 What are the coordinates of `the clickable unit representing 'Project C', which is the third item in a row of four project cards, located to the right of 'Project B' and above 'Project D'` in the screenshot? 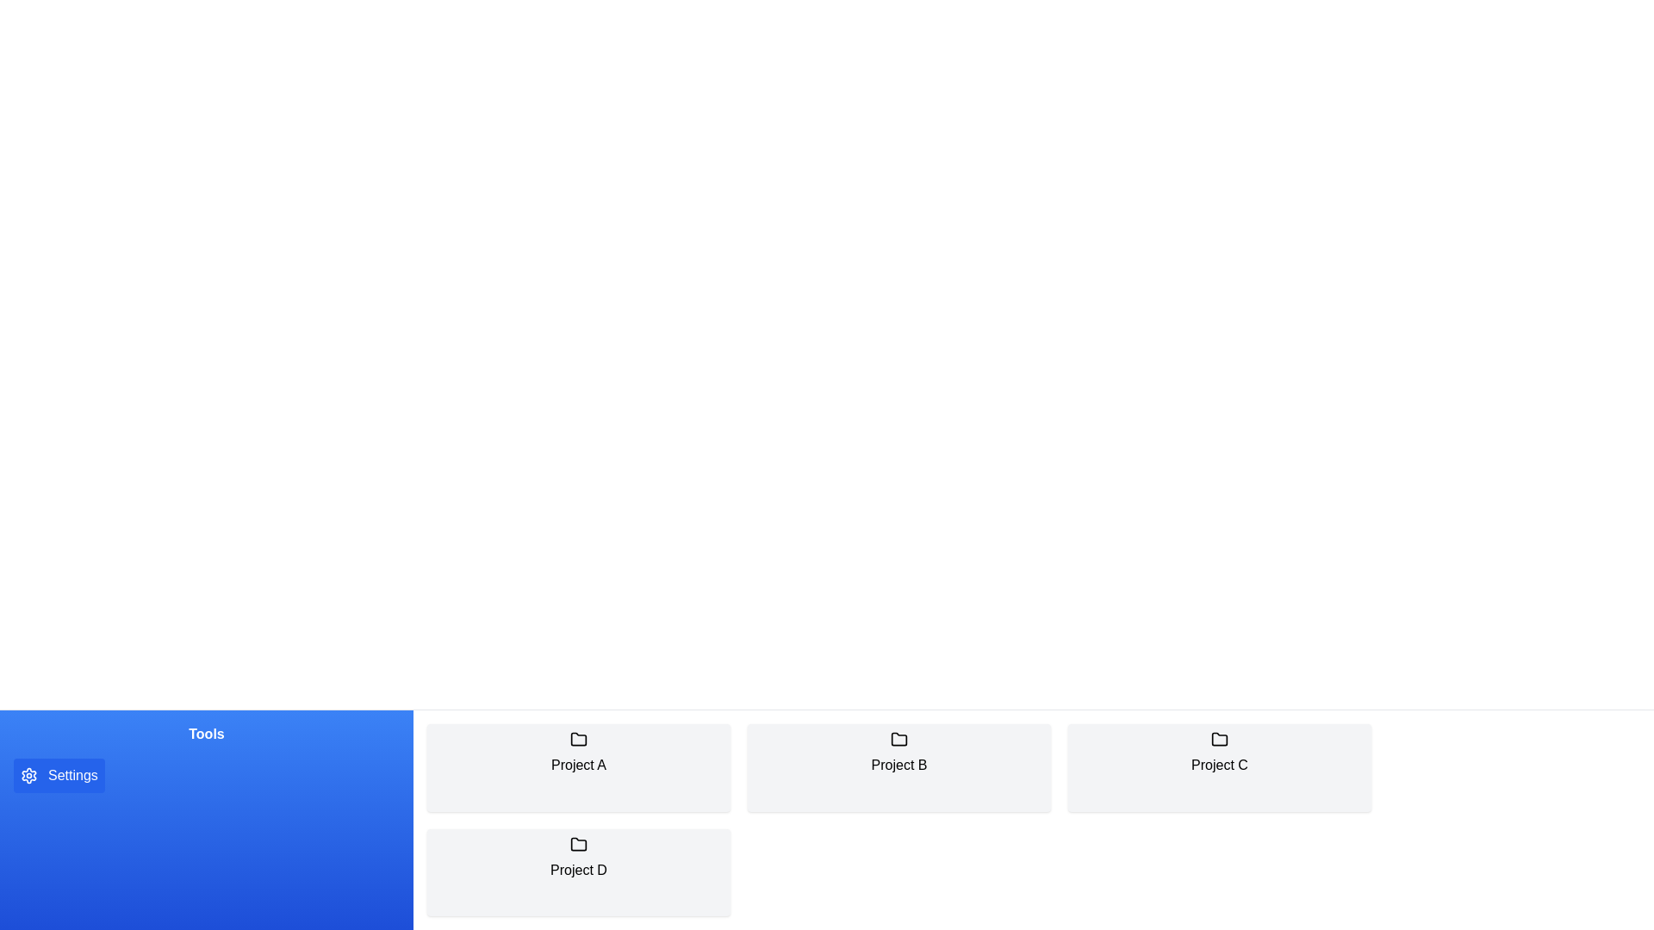 It's located at (1219, 766).